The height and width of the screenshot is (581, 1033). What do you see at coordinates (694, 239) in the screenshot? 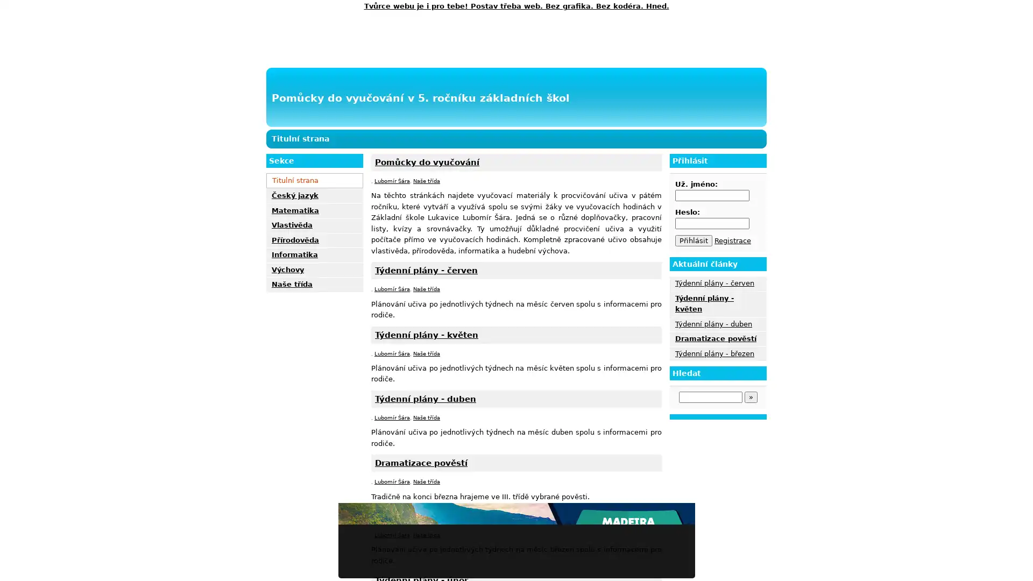
I see `Prihlasit` at bounding box center [694, 239].